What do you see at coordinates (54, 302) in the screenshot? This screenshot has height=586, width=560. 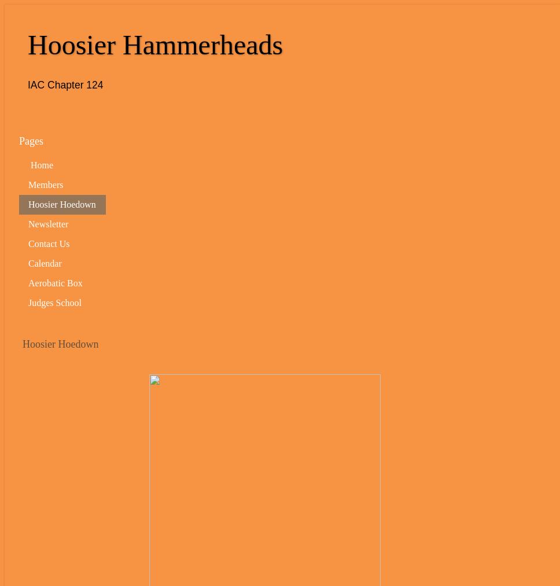 I see `'Judges School'` at bounding box center [54, 302].